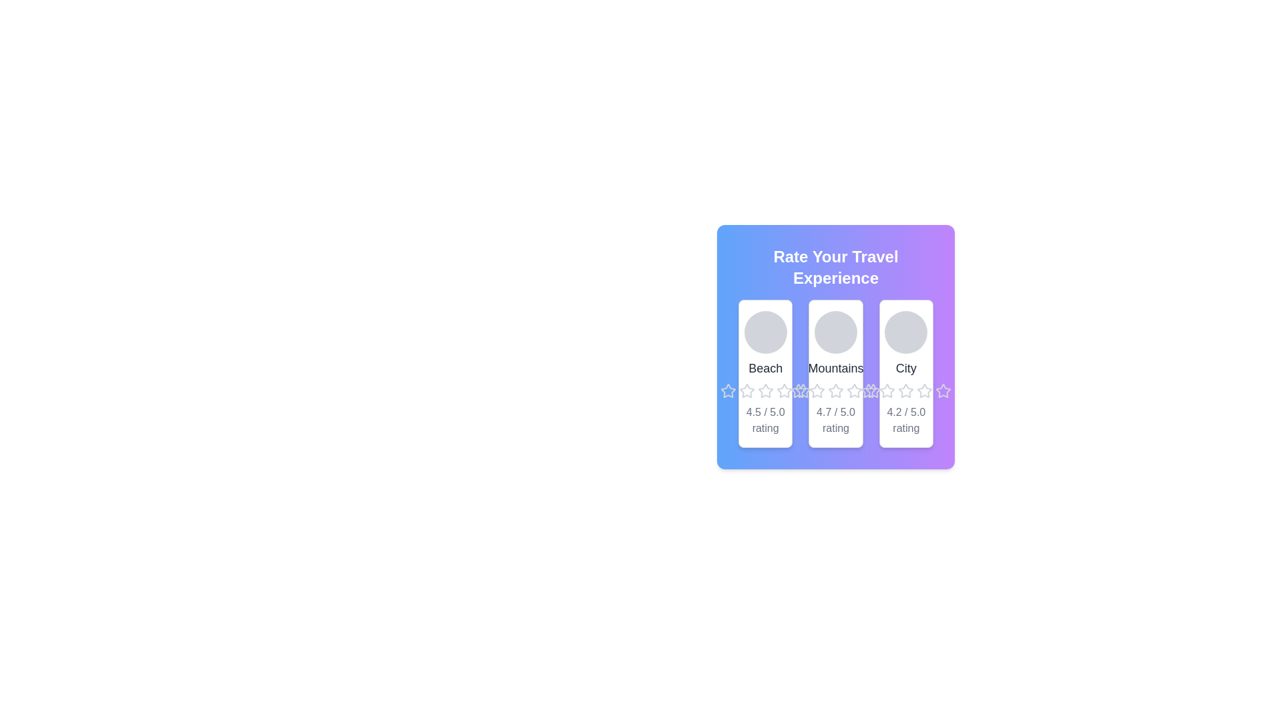  Describe the element at coordinates (906, 391) in the screenshot. I see `the third set of star rating components located in the center column below the 'City' label` at that location.